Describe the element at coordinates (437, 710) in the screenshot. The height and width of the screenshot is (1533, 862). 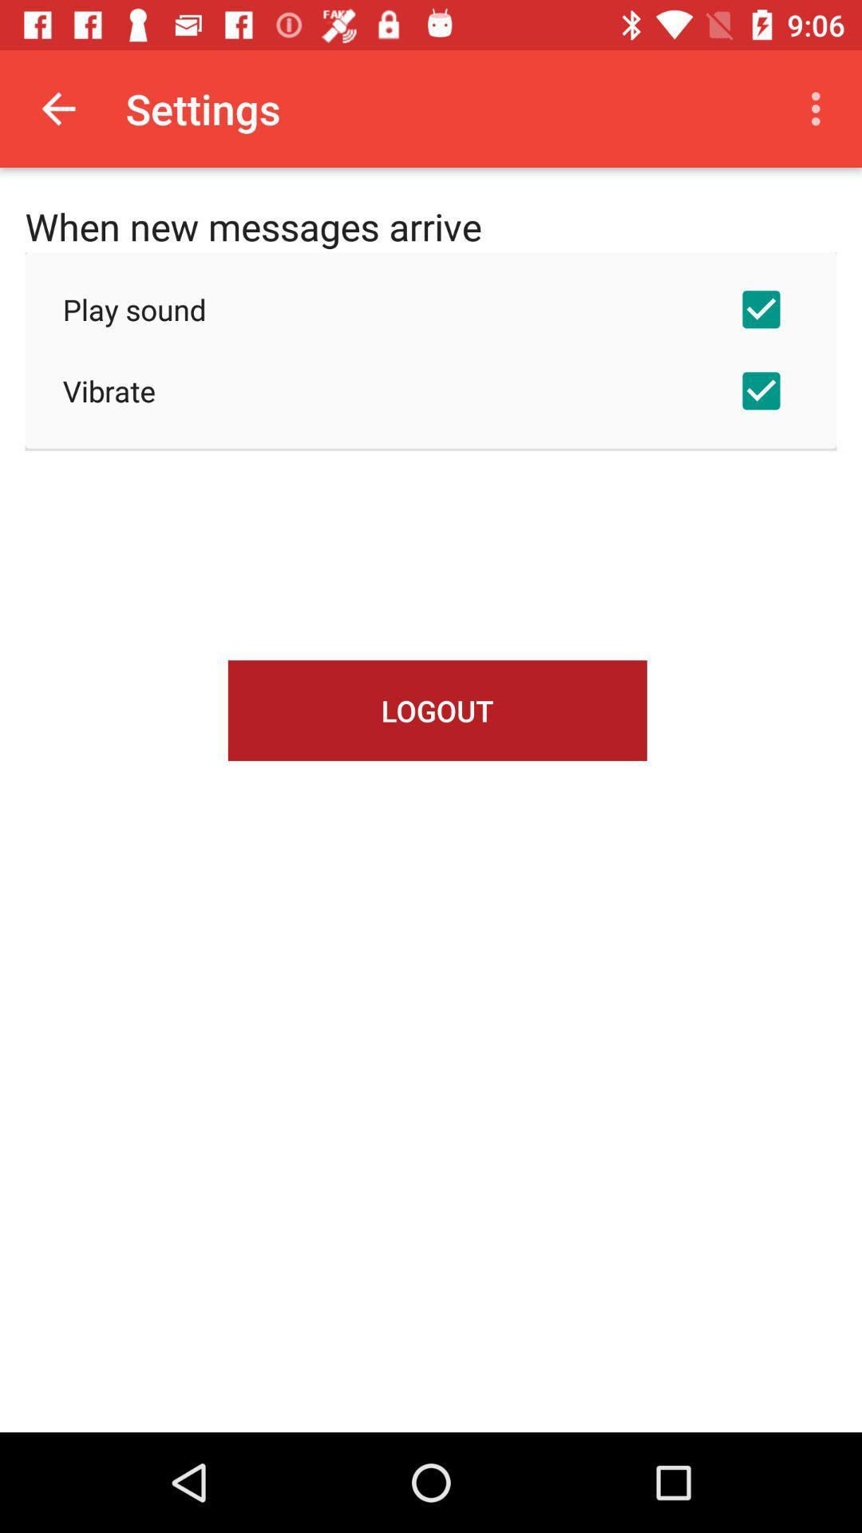
I see `the logout` at that location.